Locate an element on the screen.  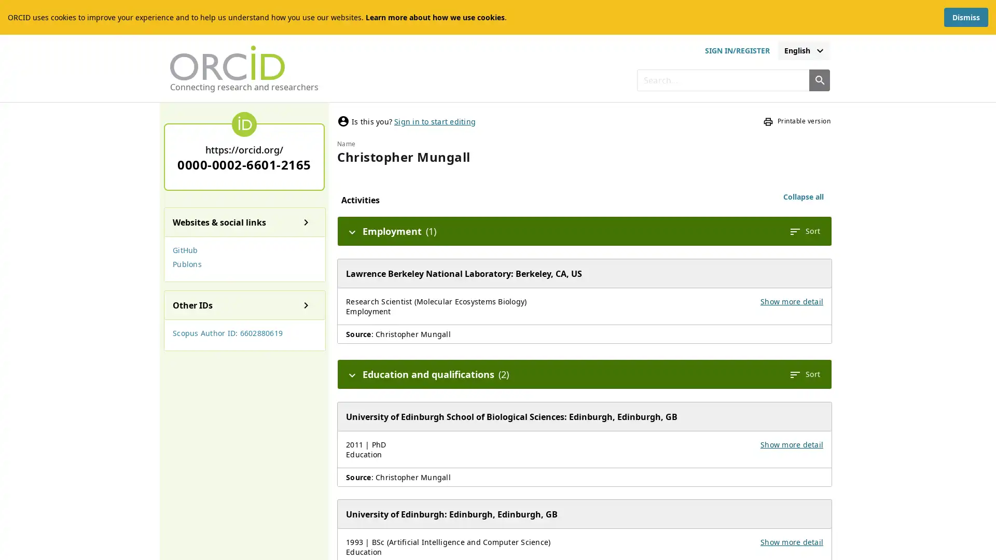
Show more detail is located at coordinates (791, 444).